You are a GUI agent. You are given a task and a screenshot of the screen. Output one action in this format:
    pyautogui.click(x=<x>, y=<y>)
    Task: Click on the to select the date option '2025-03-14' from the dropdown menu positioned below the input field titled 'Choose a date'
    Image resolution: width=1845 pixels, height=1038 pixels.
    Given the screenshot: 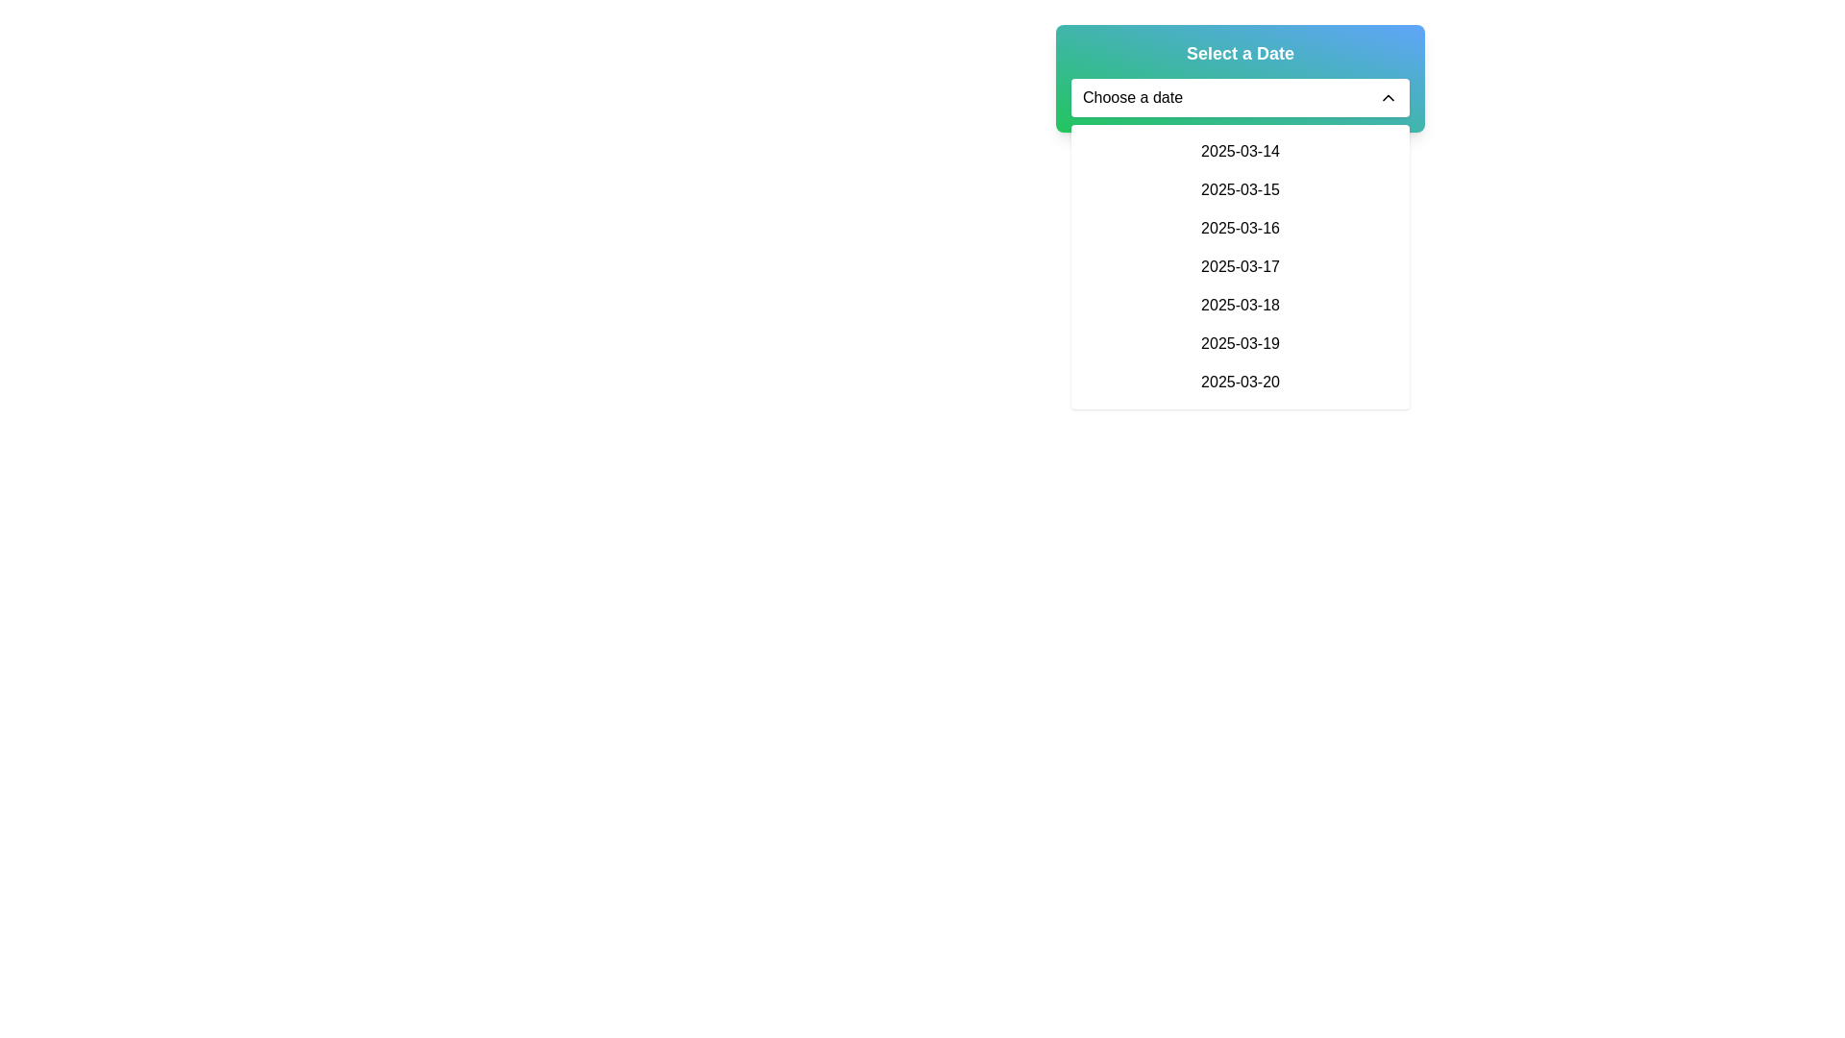 What is the action you would take?
    pyautogui.click(x=1241, y=151)
    